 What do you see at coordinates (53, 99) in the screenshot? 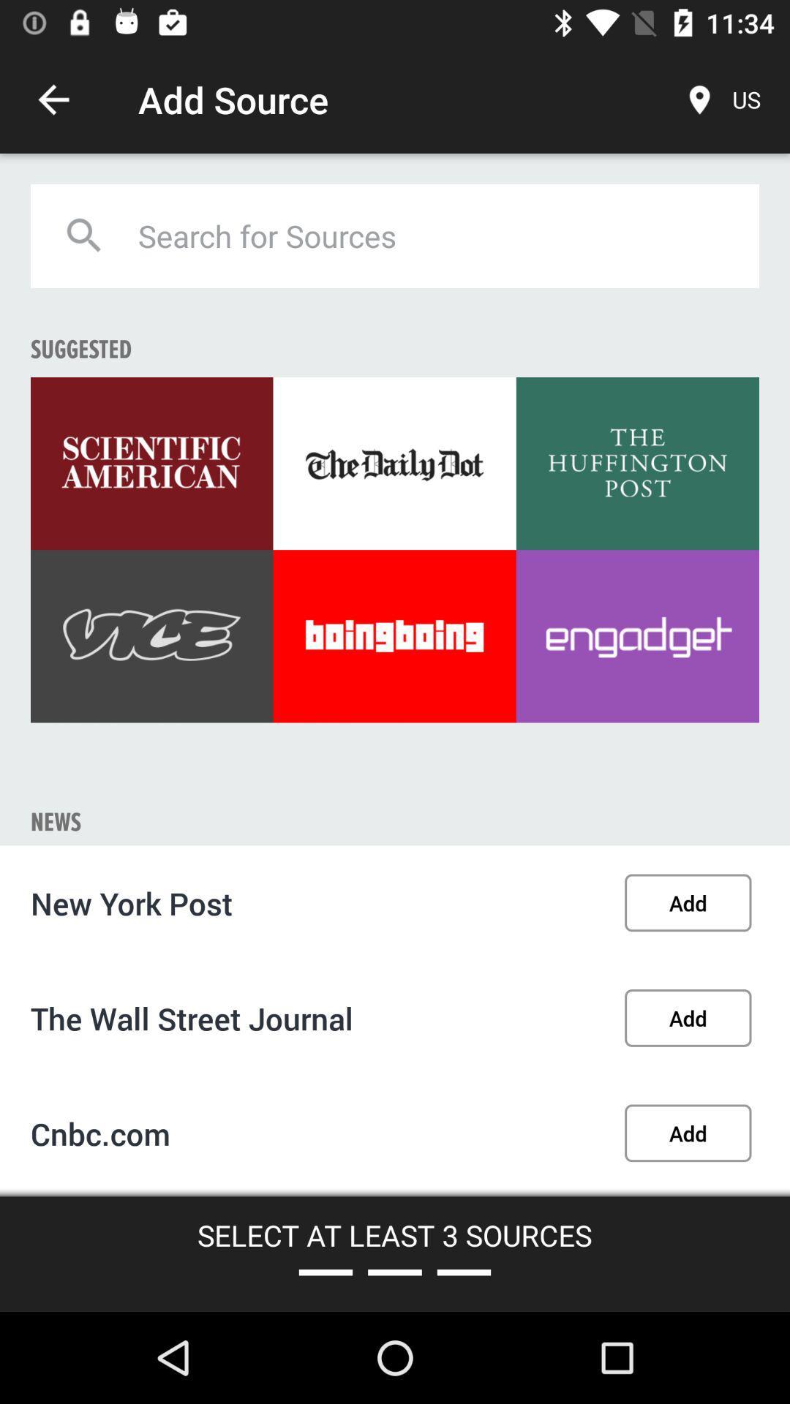
I see `the item to the left of add source icon` at bounding box center [53, 99].